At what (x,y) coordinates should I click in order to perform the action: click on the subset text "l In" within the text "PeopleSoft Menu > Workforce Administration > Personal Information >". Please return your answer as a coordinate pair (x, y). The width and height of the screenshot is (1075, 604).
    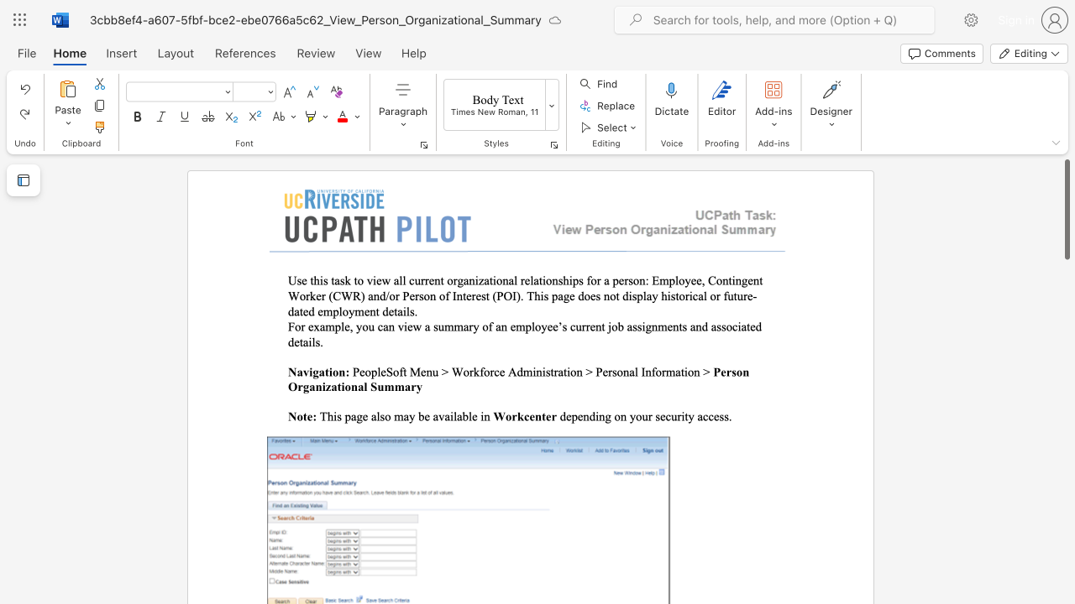
    Looking at the image, I should click on (633, 371).